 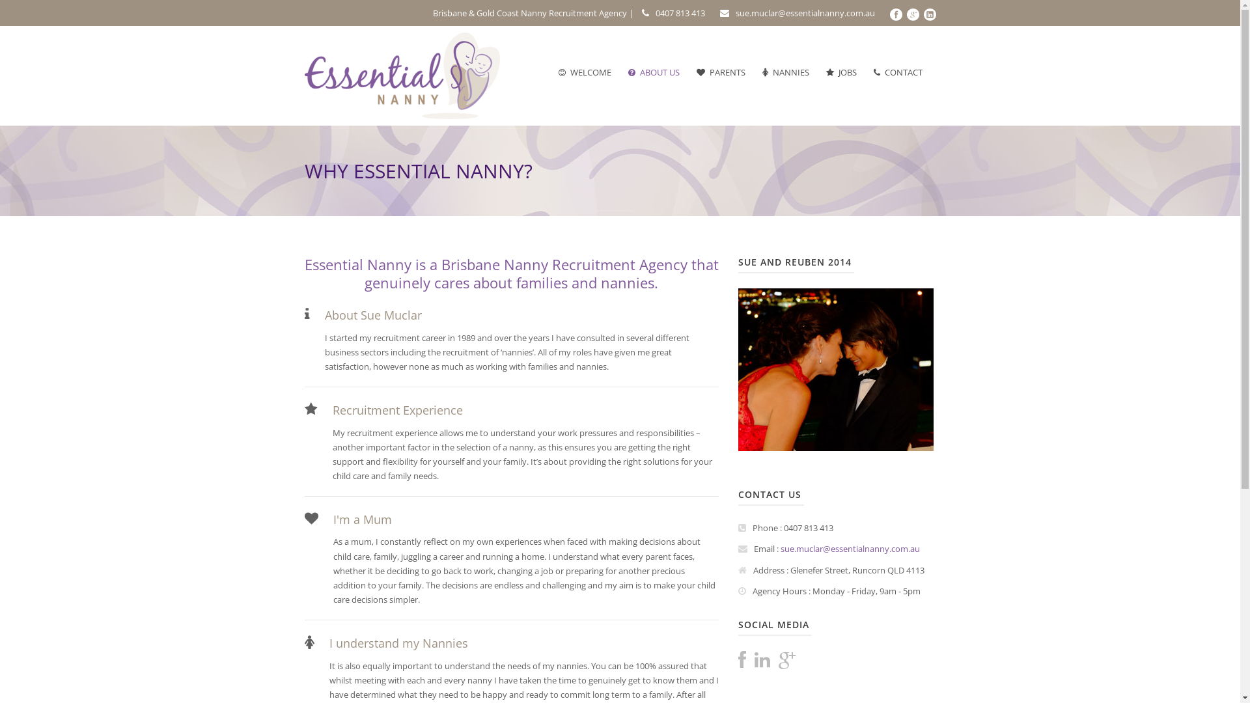 What do you see at coordinates (785, 72) in the screenshot?
I see `'NANNIES'` at bounding box center [785, 72].